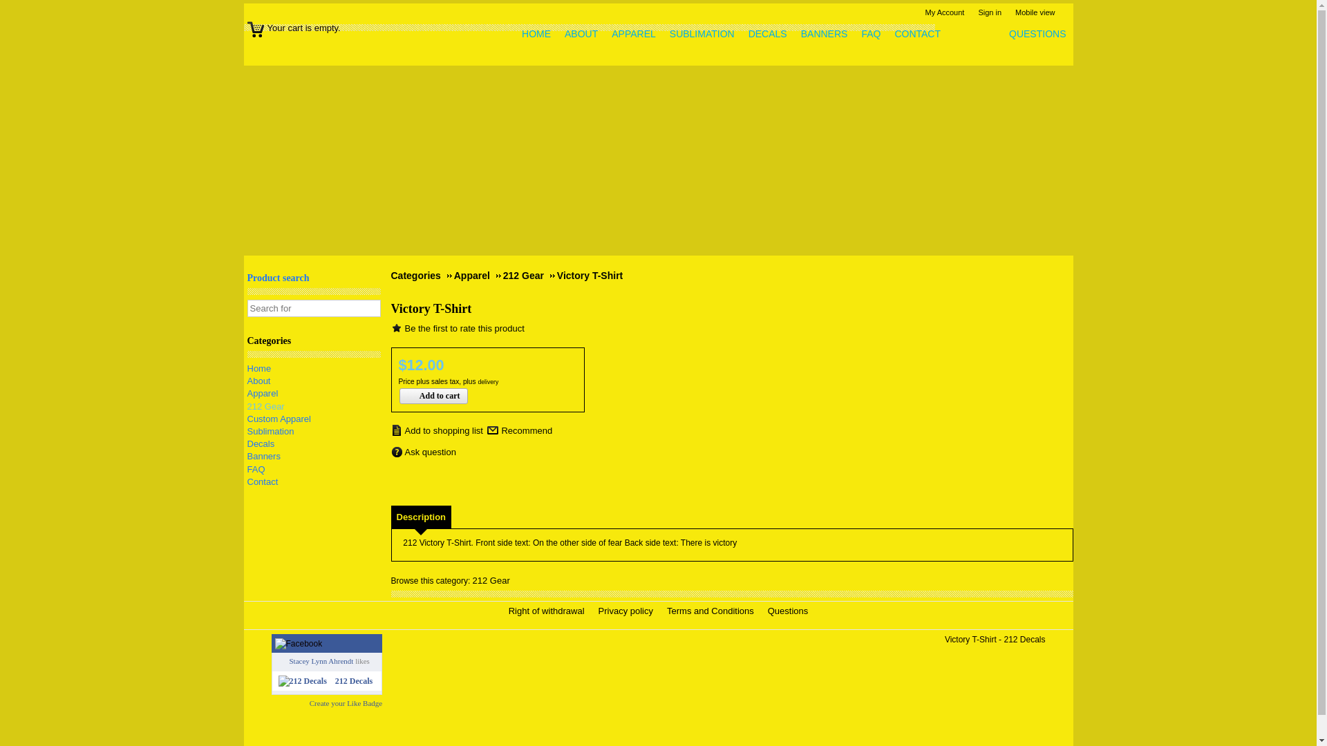 This screenshot has width=1327, height=746. Describe the element at coordinates (791, 610) in the screenshot. I see `'Questions'` at that location.